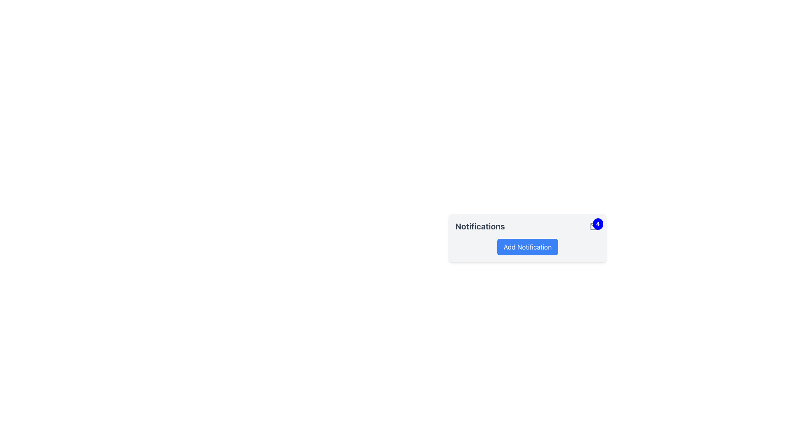  Describe the element at coordinates (598, 224) in the screenshot. I see `the unread notification badge displaying the number '4', which is located at the top-right corner of the 'Notifications' section next to the email icon` at that location.